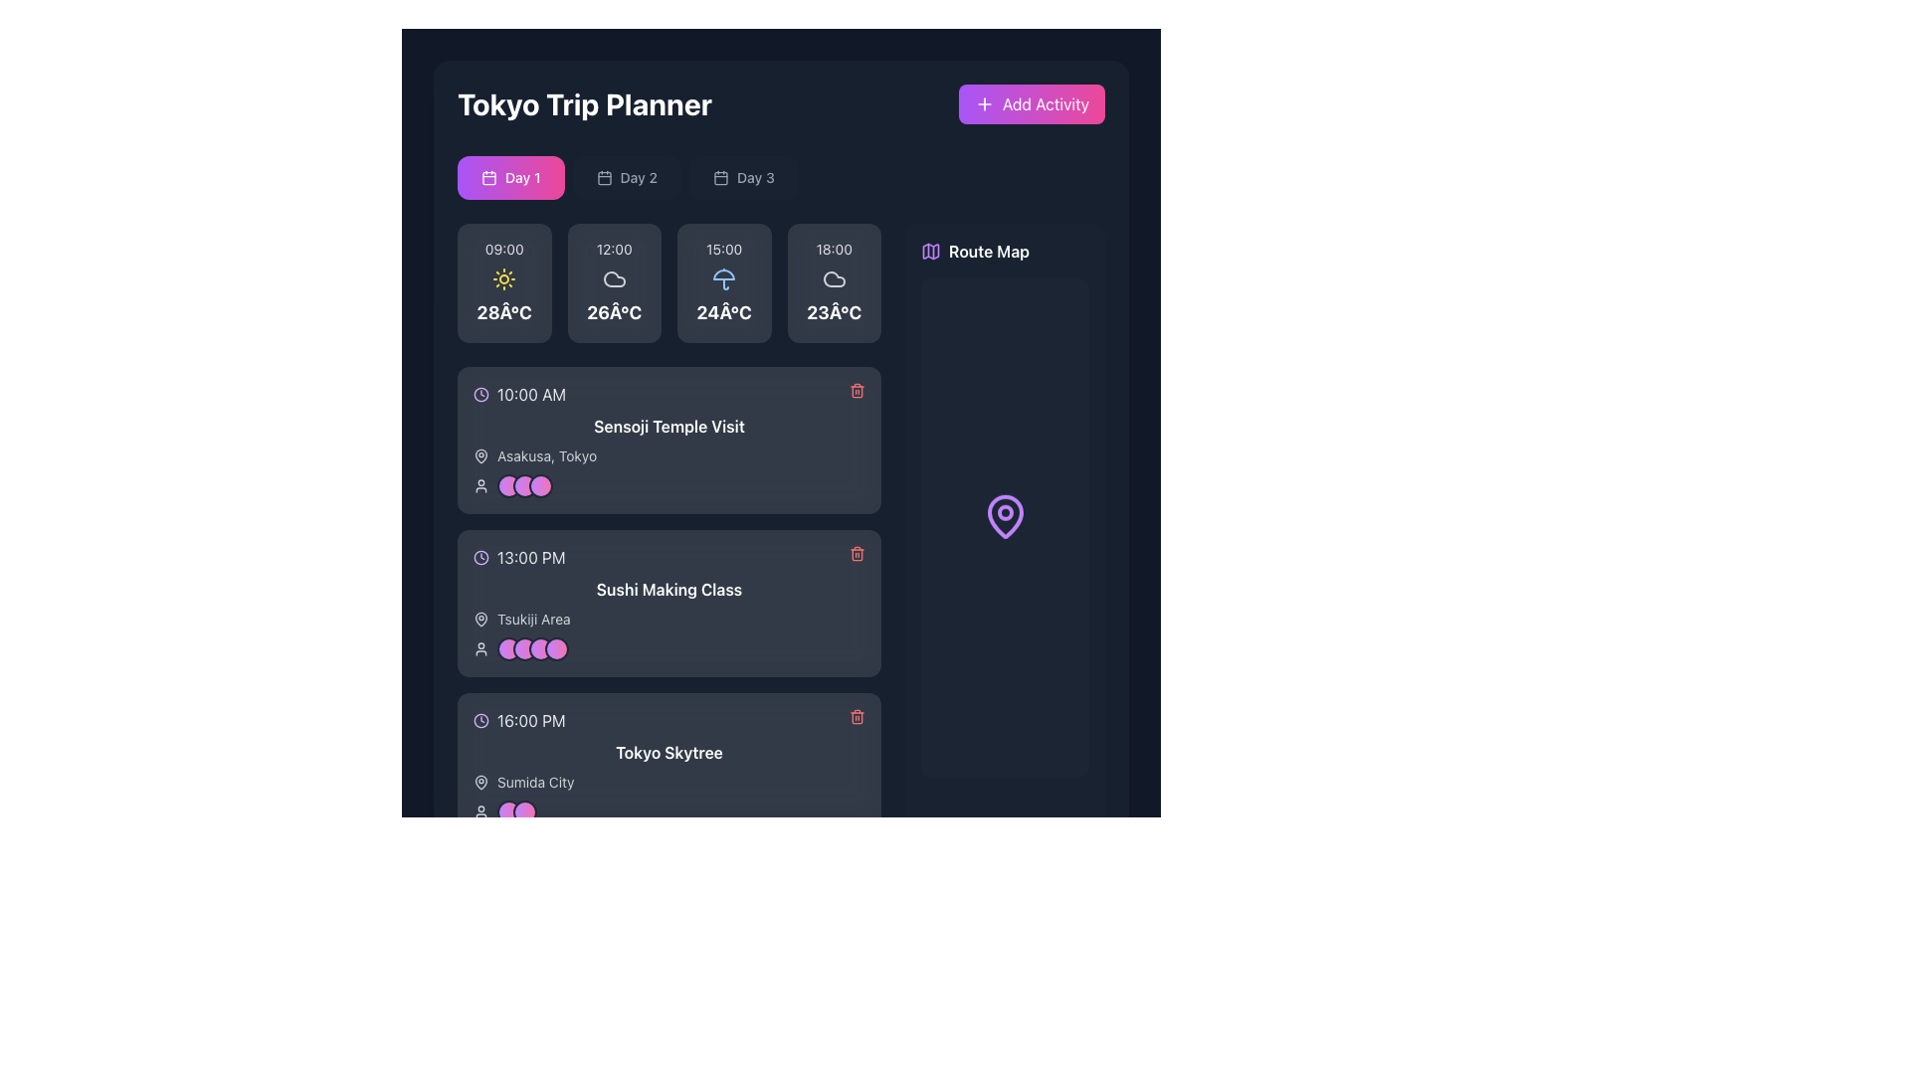 This screenshot has height=1074, width=1910. Describe the element at coordinates (725, 283) in the screenshot. I see `the vertical line element of the umbrella icon, which is a thin stroke with rounded edges positioned centrally below the upper arc of the SVG` at that location.